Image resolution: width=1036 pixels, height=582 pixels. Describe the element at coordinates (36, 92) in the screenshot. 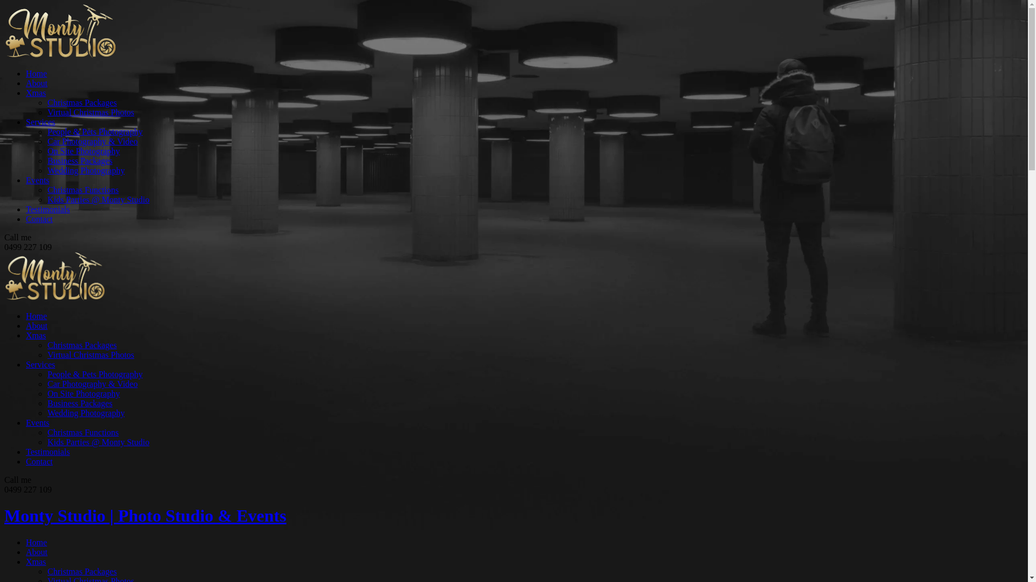

I see `'Xmas'` at that location.